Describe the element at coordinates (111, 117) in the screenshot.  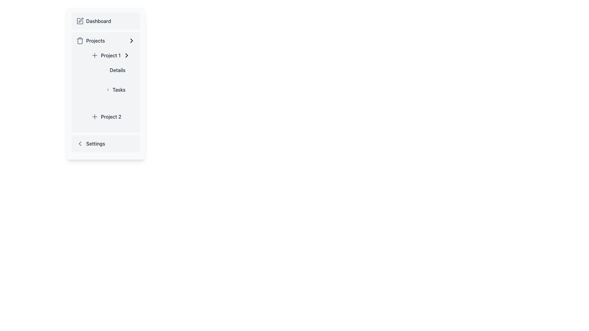
I see `the text label displaying 'Project 2' located in the sidebar menu under the 'Projects' section, aligned horizontally with a plus icon` at that location.